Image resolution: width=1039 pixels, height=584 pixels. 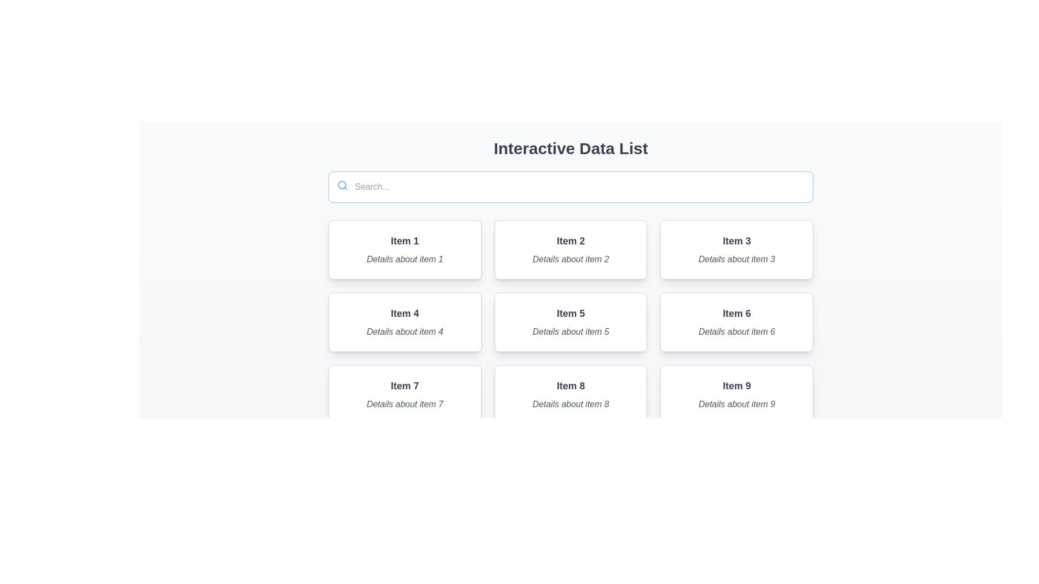 I want to click on the Card representing 'Item 1', which is located in the top-left position of a grid layout, so click(x=404, y=250).